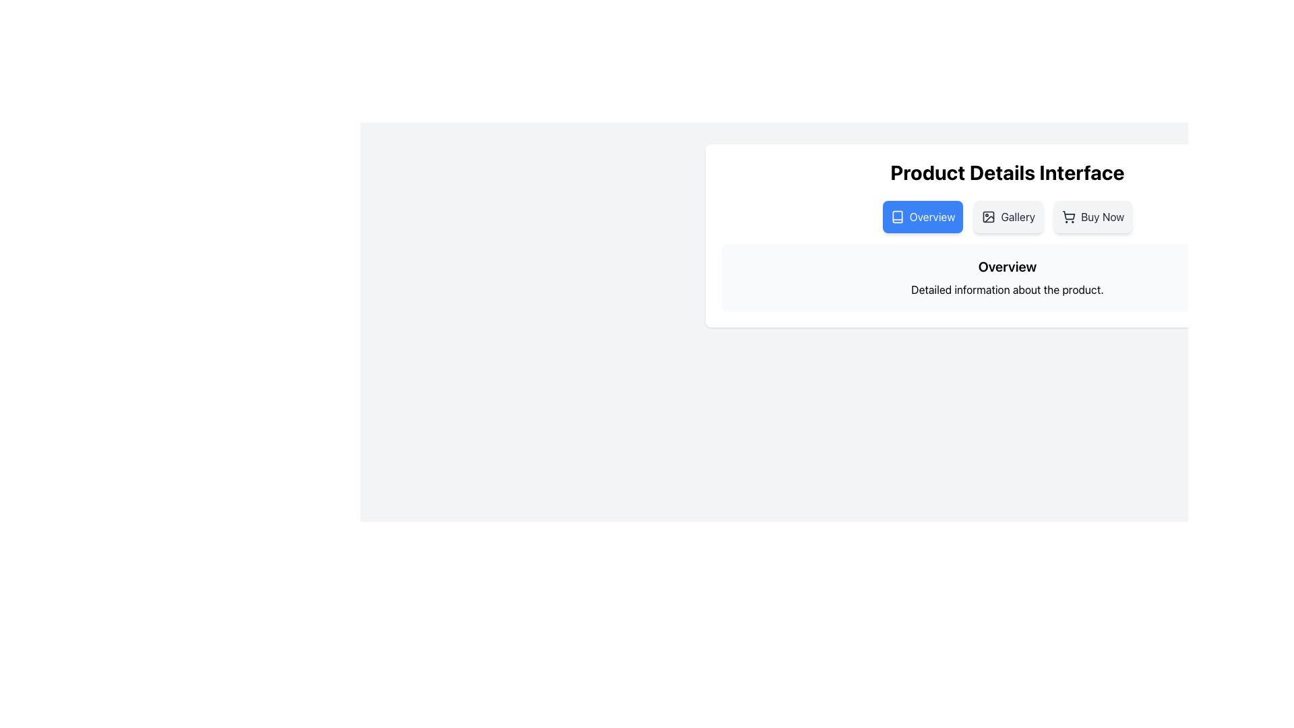  What do you see at coordinates (897, 216) in the screenshot?
I see `the SVG-based icon embedded within the 'Overview' button located in the top-center area of the interface below the title 'Product Details Interface'` at bounding box center [897, 216].